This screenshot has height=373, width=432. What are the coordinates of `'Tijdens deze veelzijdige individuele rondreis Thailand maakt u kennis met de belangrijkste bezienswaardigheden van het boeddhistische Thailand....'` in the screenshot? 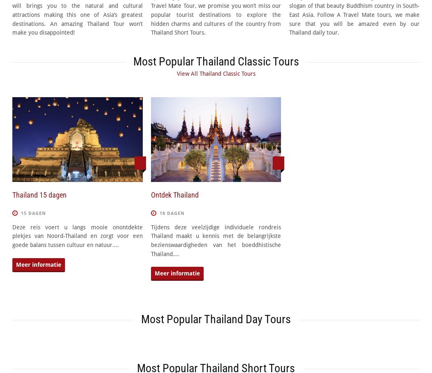 It's located at (215, 240).